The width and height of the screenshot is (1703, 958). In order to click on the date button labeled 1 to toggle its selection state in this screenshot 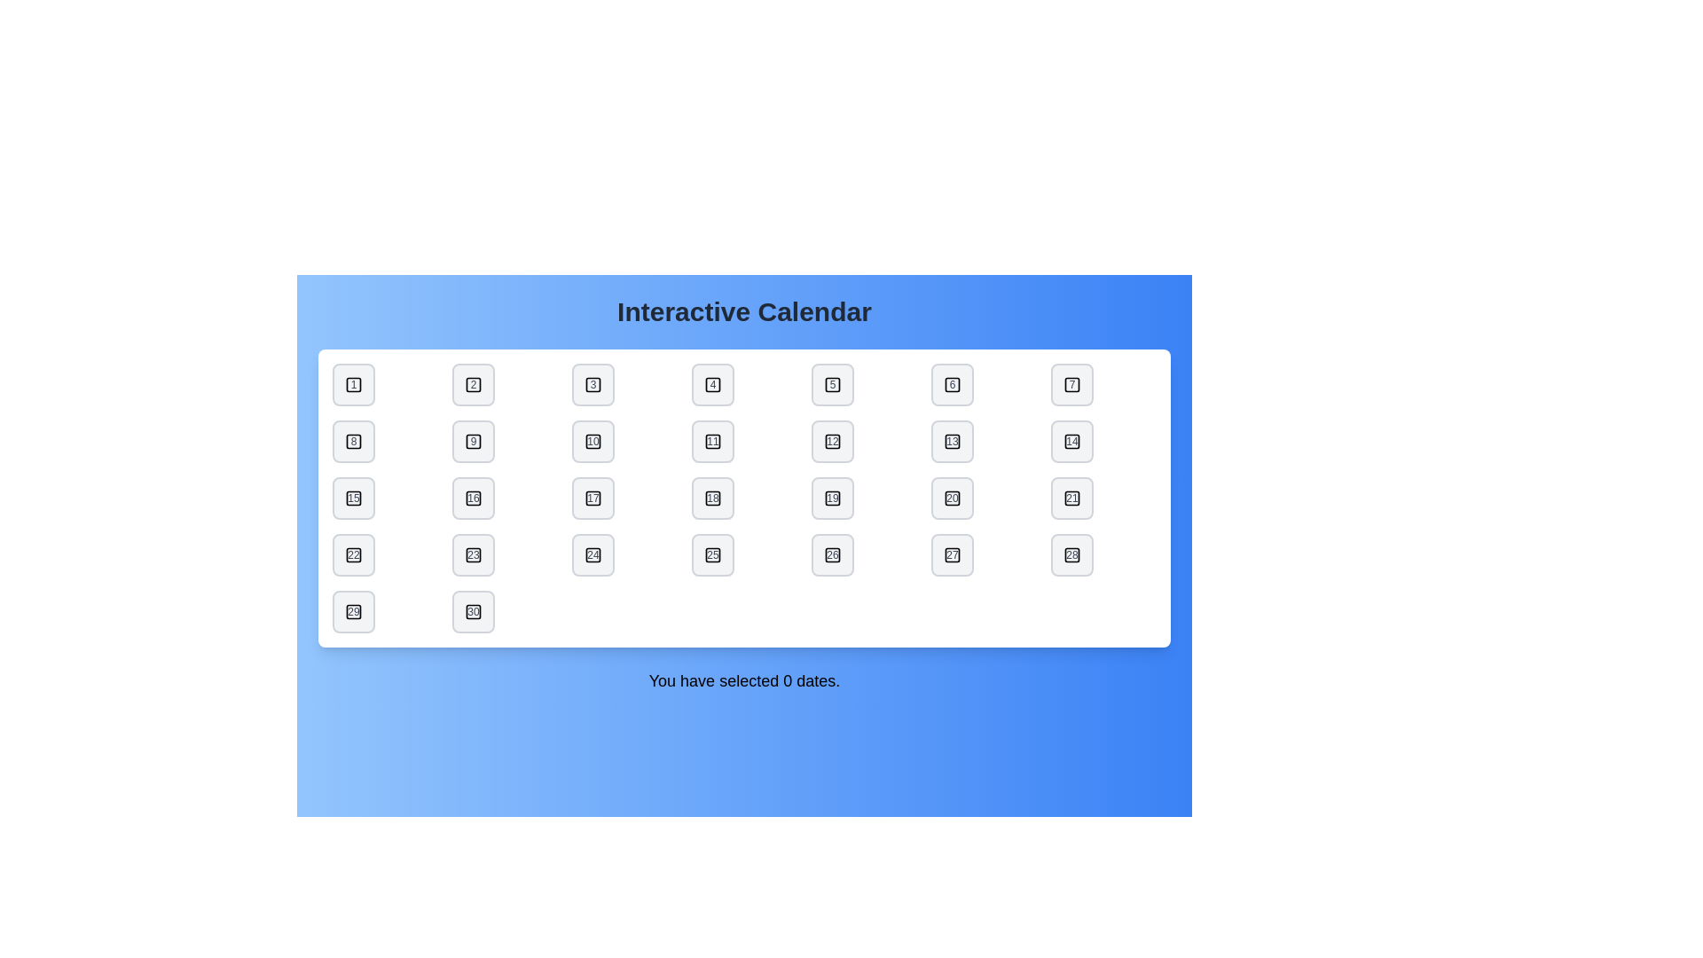, I will do `click(353, 384)`.